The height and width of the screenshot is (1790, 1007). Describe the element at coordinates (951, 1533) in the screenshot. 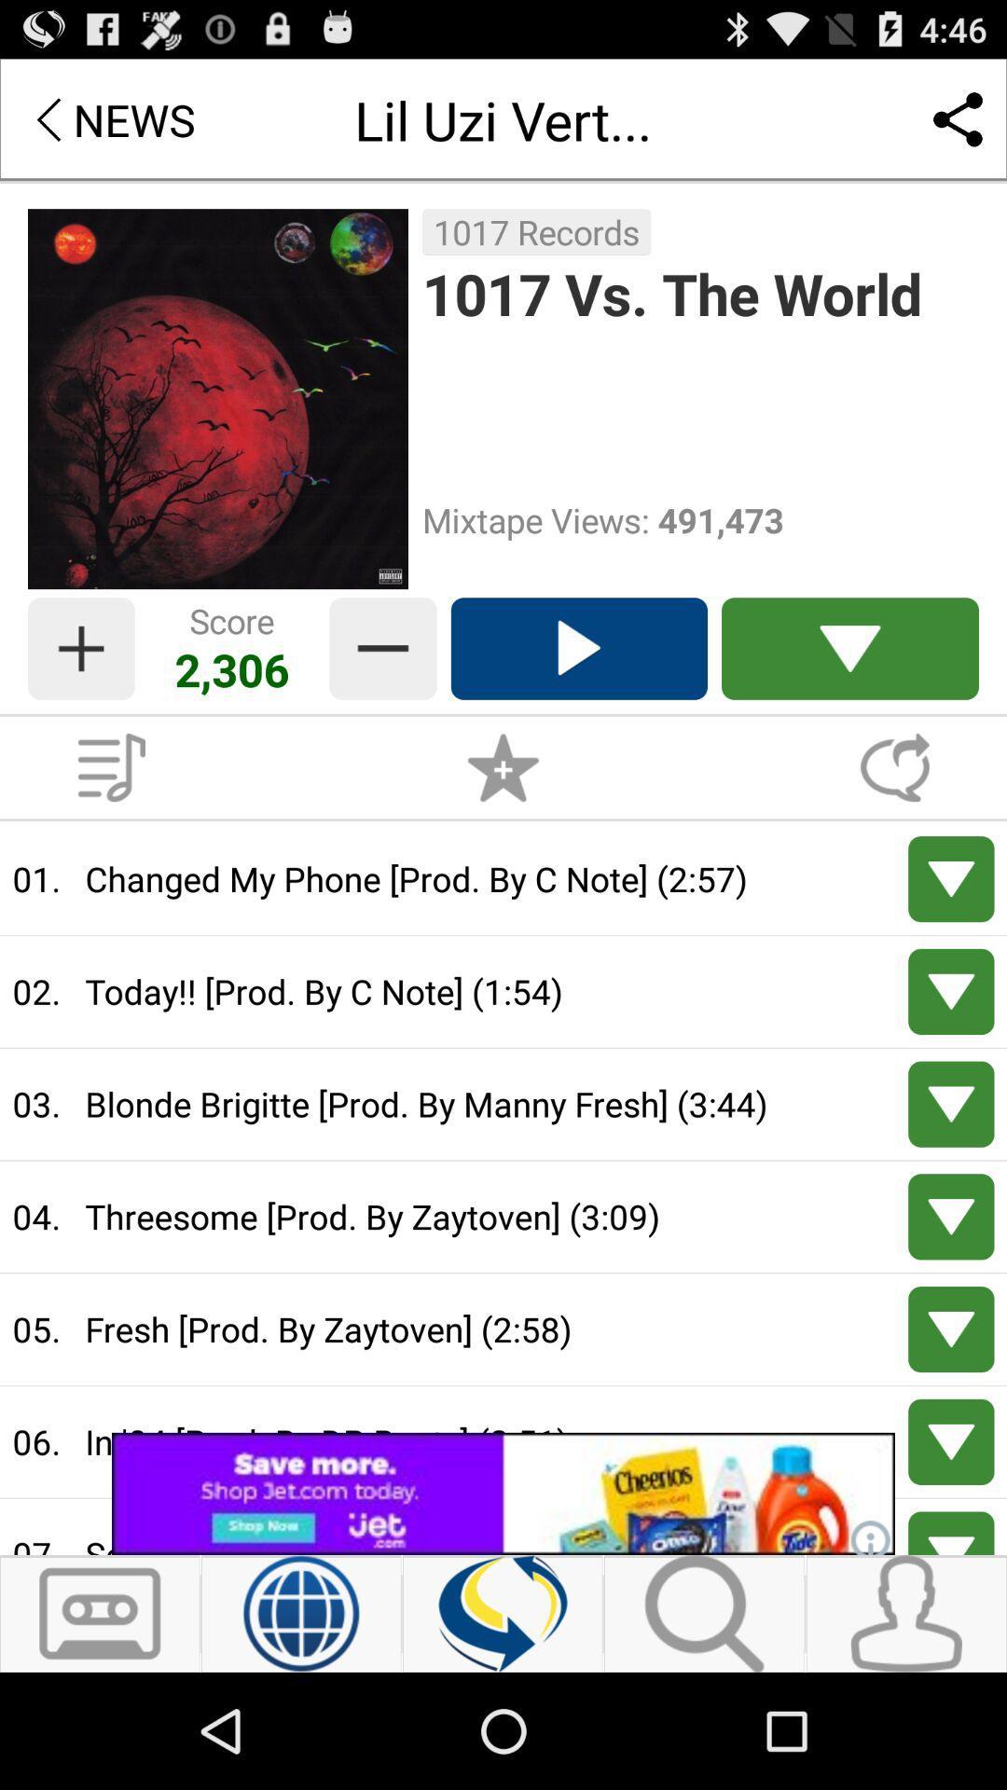

I see `go down` at that location.